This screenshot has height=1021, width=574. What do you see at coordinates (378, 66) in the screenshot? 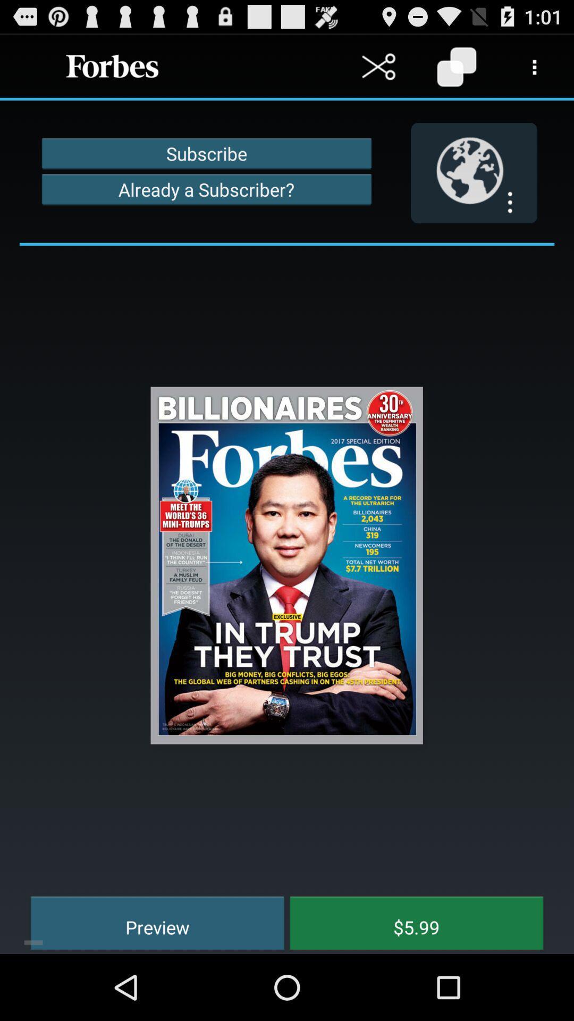
I see `cut a text` at bounding box center [378, 66].